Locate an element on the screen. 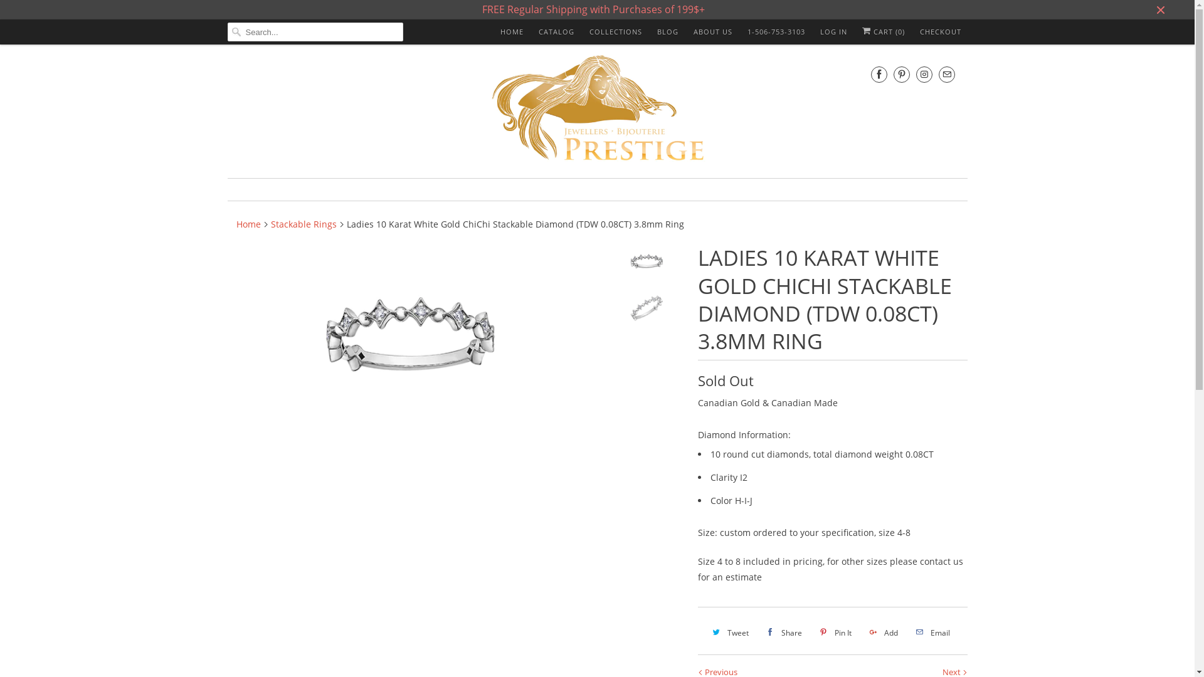  'HOME' is located at coordinates (512, 31).